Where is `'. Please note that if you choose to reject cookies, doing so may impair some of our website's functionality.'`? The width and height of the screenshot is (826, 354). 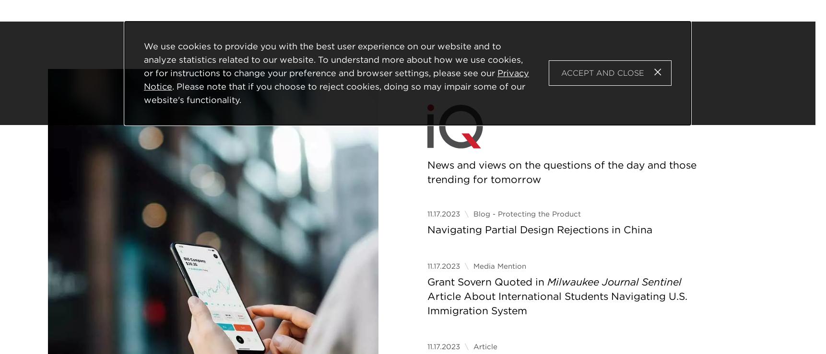
'. Please note that if you choose to reject cookies, doing so may impair some of our website's functionality.' is located at coordinates (334, 92).